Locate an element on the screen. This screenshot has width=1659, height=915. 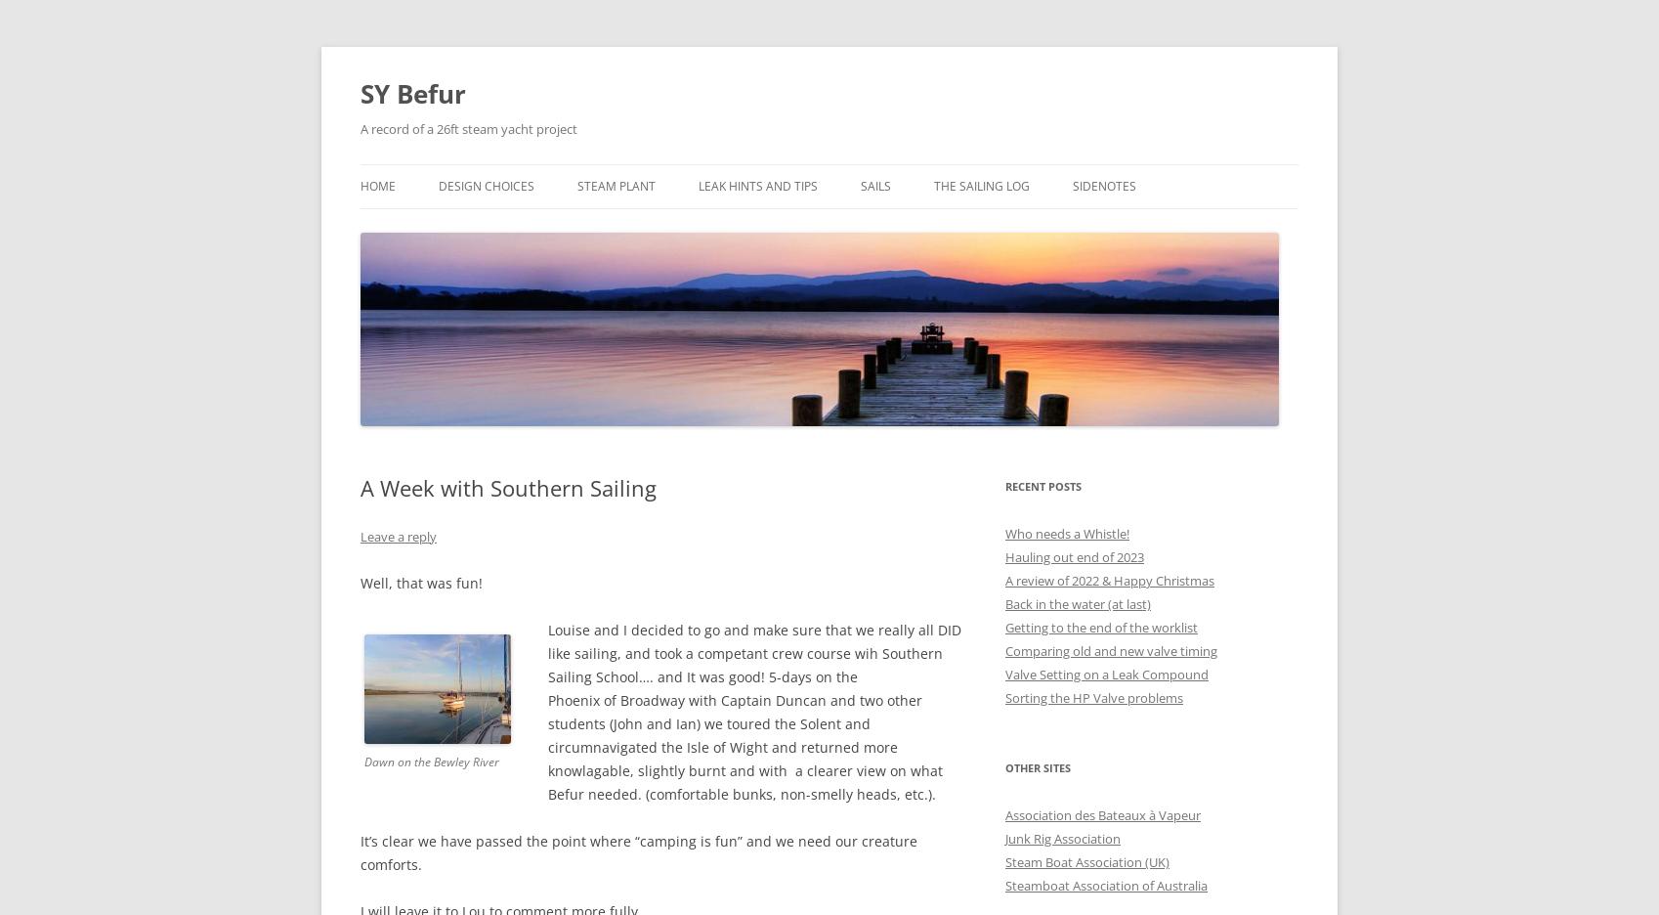
'Hauling out end of 2023' is located at coordinates (1074, 556).